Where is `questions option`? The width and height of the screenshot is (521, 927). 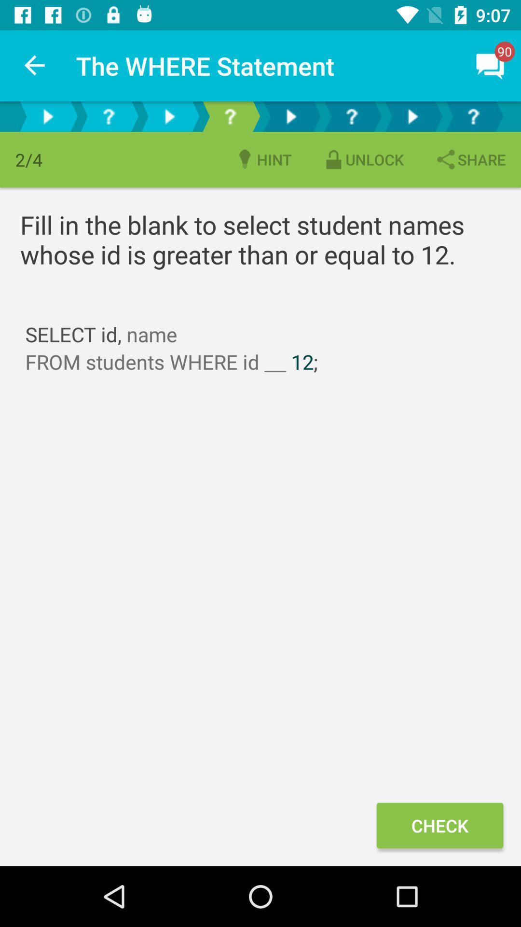
questions option is located at coordinates (230, 116).